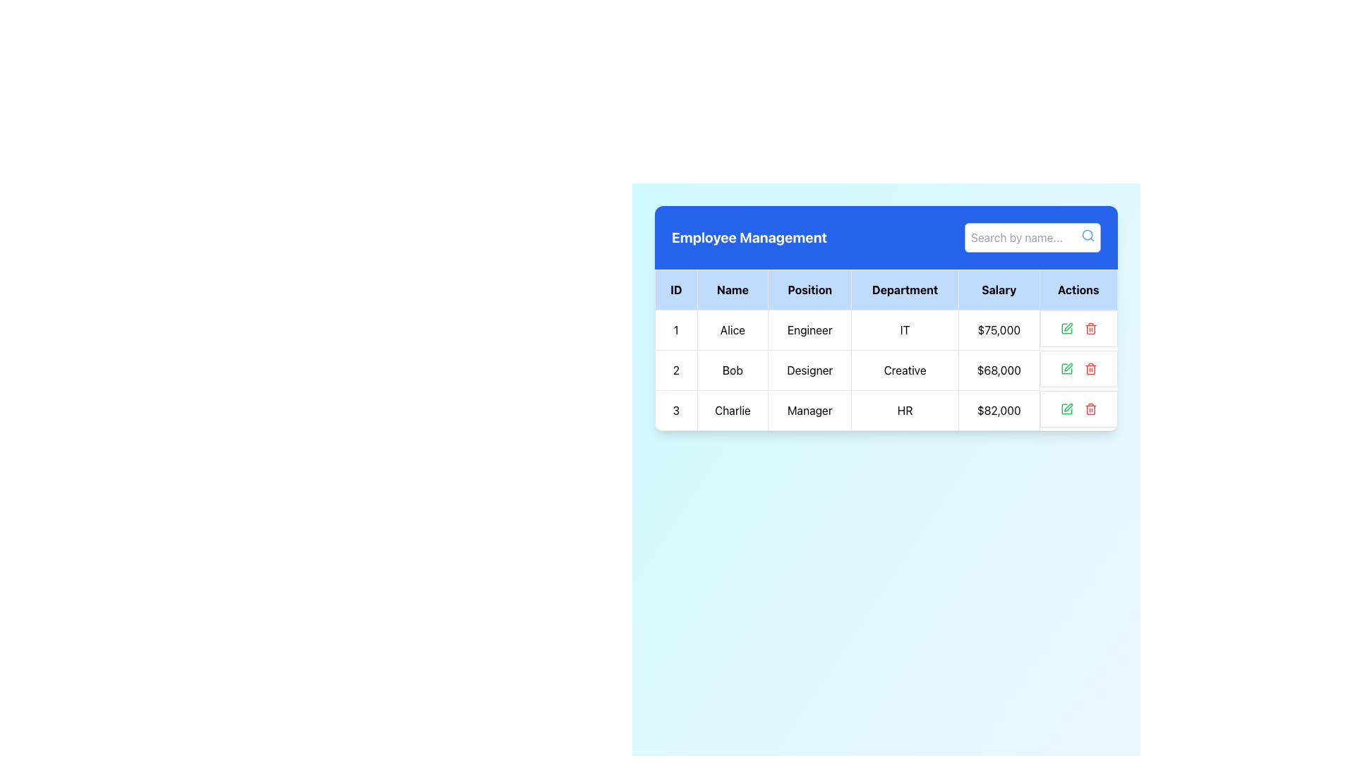 Image resolution: width=1355 pixels, height=762 pixels. What do you see at coordinates (1090, 368) in the screenshot?
I see `the red trash can icon in the 'Actions' column for 'Bob Designer' to initiate a delete action` at bounding box center [1090, 368].